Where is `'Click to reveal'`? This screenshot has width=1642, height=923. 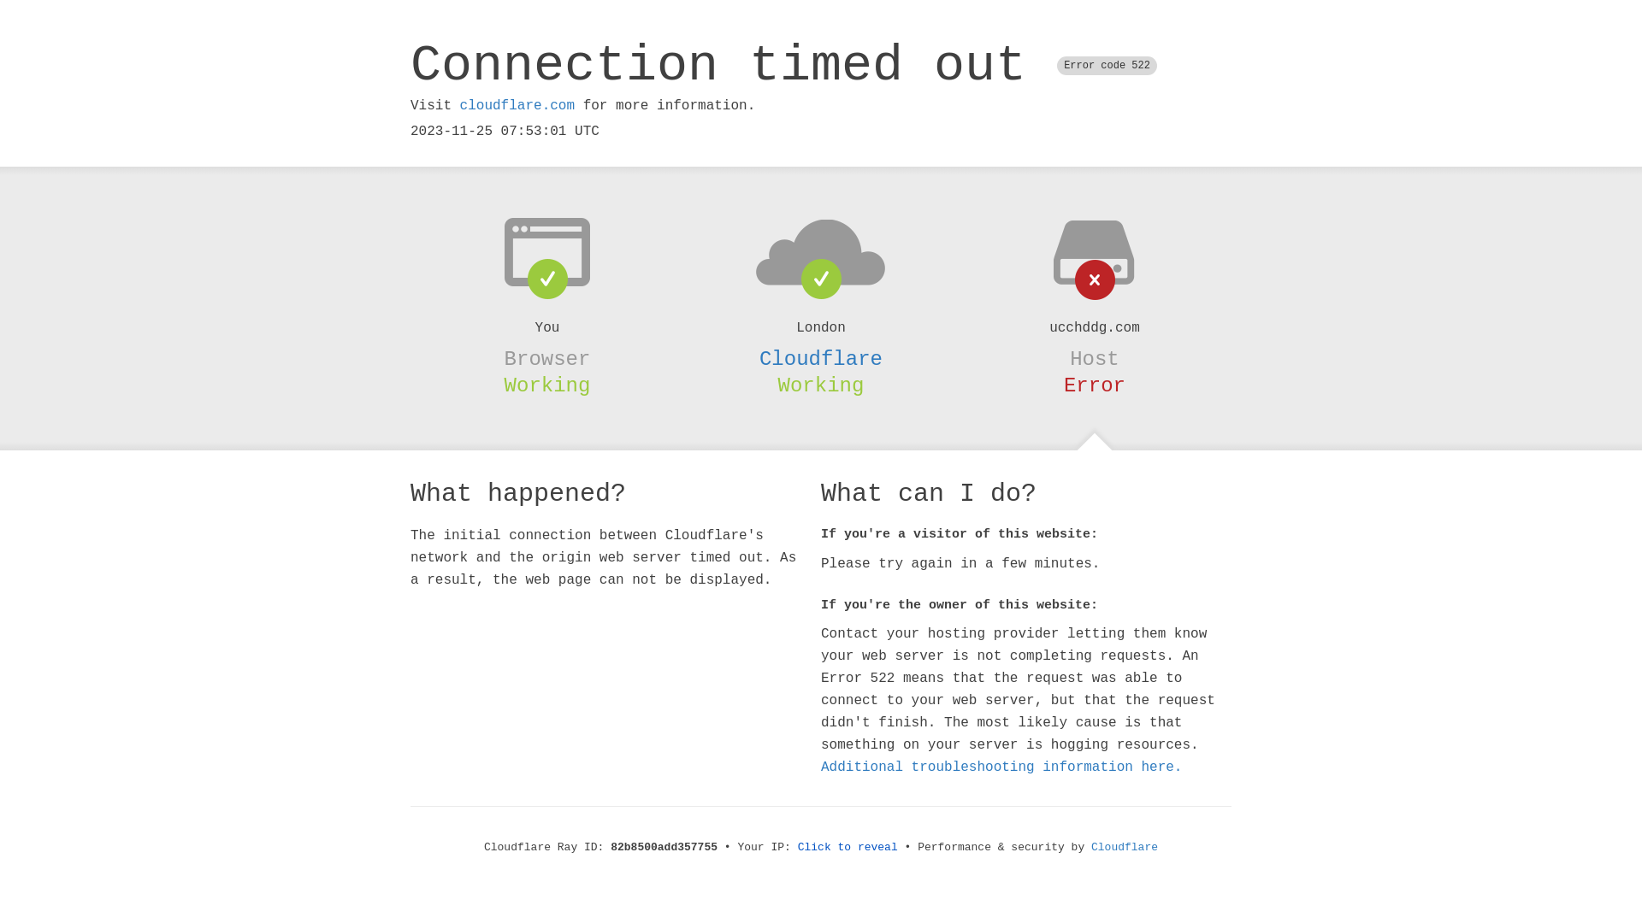
'Click to reveal' is located at coordinates (848, 847).